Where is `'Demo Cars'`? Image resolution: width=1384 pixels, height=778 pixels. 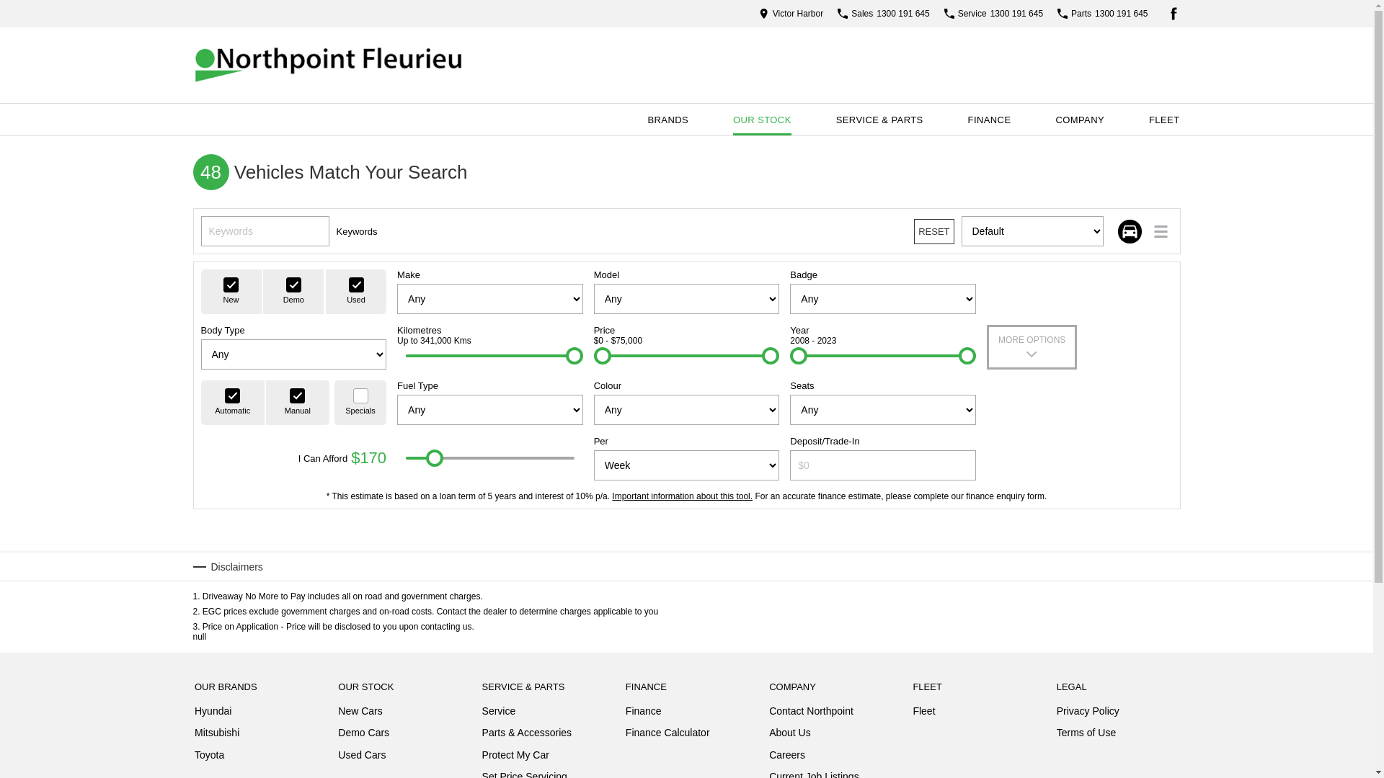 'Demo Cars' is located at coordinates (337, 735).